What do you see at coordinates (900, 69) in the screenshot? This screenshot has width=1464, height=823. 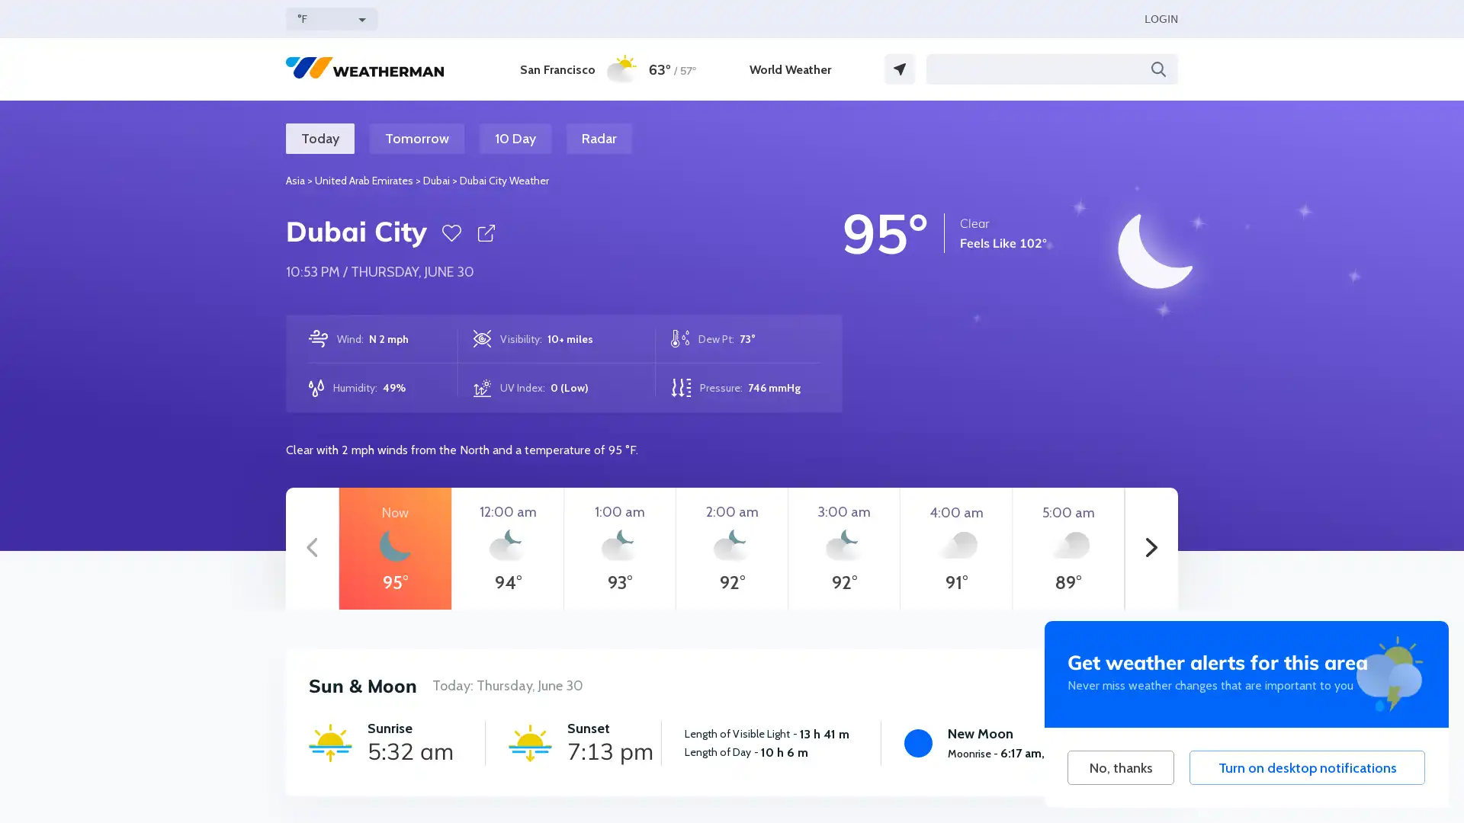 I see `GPS Location` at bounding box center [900, 69].